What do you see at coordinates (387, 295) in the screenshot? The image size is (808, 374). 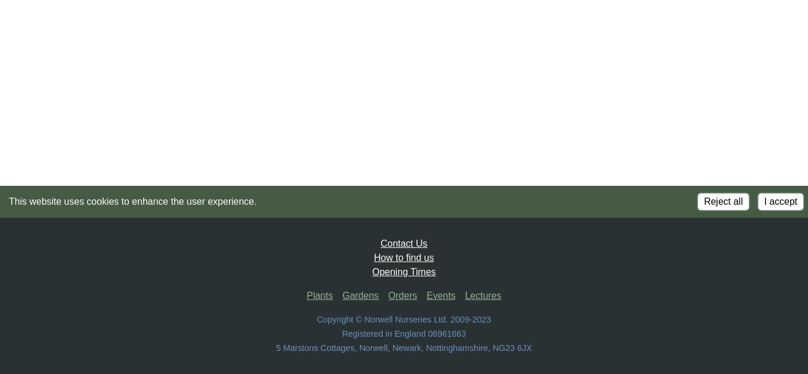 I see `'Orders'` at bounding box center [387, 295].